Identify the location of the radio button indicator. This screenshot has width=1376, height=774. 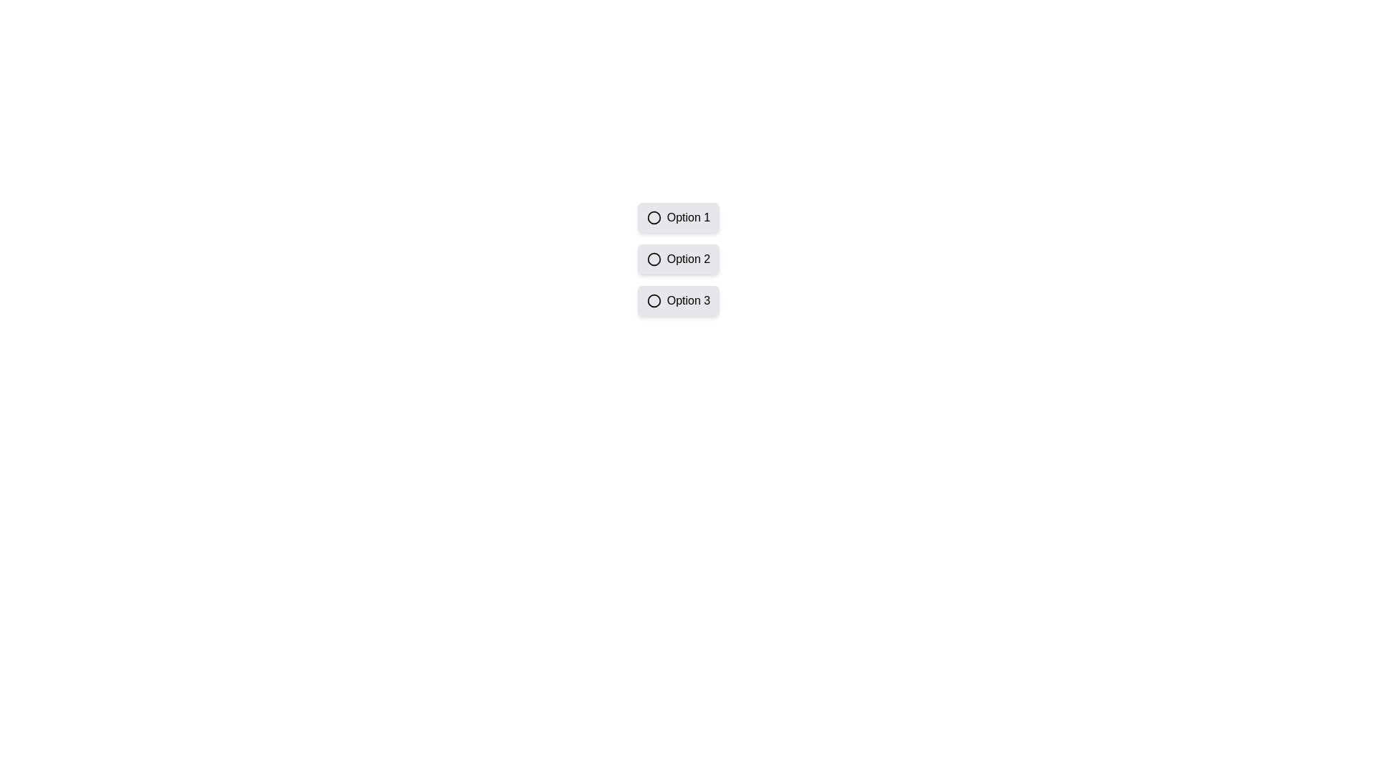
(653, 218).